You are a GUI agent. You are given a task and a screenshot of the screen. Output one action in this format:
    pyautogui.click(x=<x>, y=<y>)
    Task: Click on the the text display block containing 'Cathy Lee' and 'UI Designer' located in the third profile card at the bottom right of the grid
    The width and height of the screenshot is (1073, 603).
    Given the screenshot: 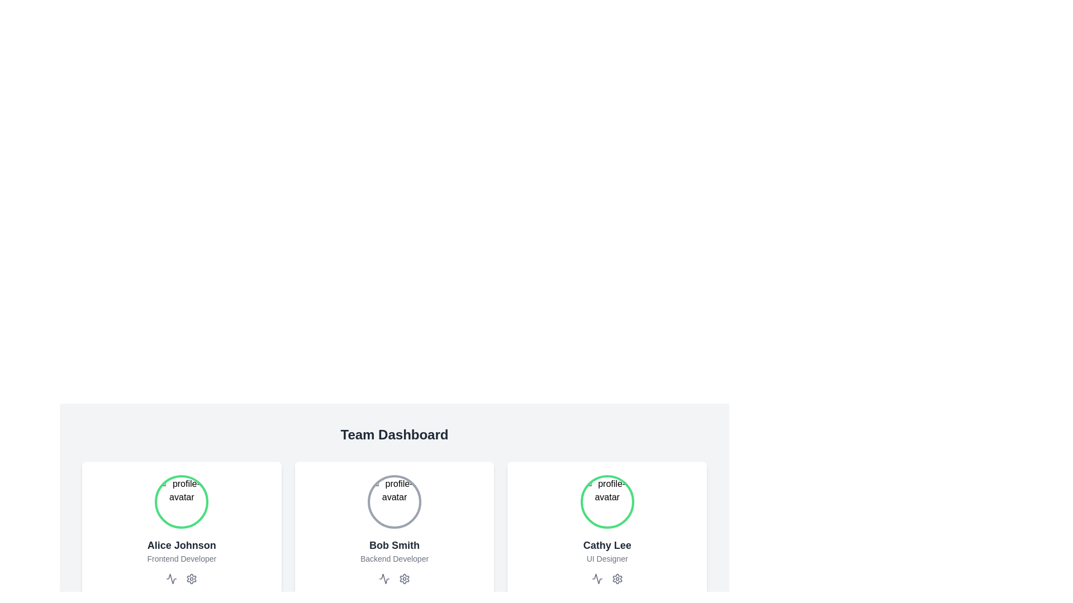 What is the action you would take?
    pyautogui.click(x=606, y=551)
    